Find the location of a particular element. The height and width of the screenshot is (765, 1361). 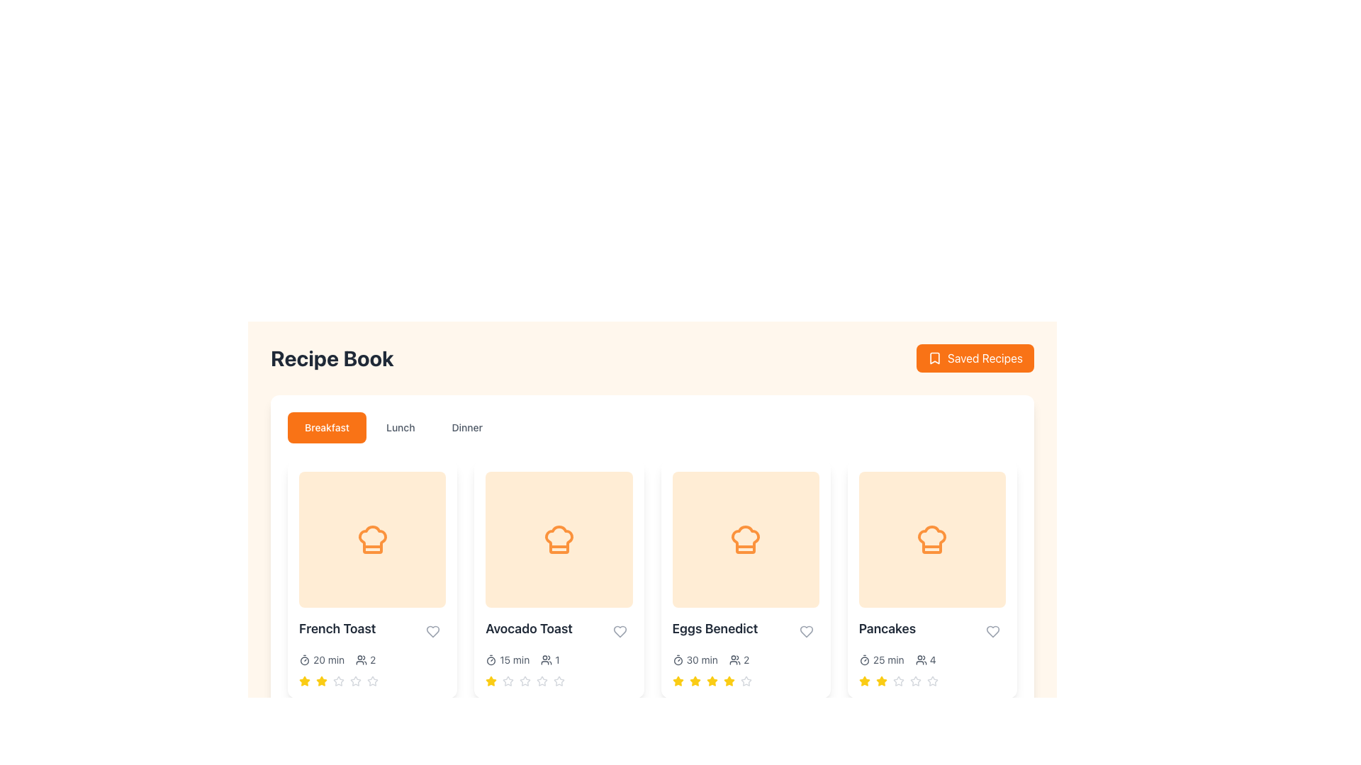

the recipe card for 'Eggs Benedict' is located at coordinates (745, 579).